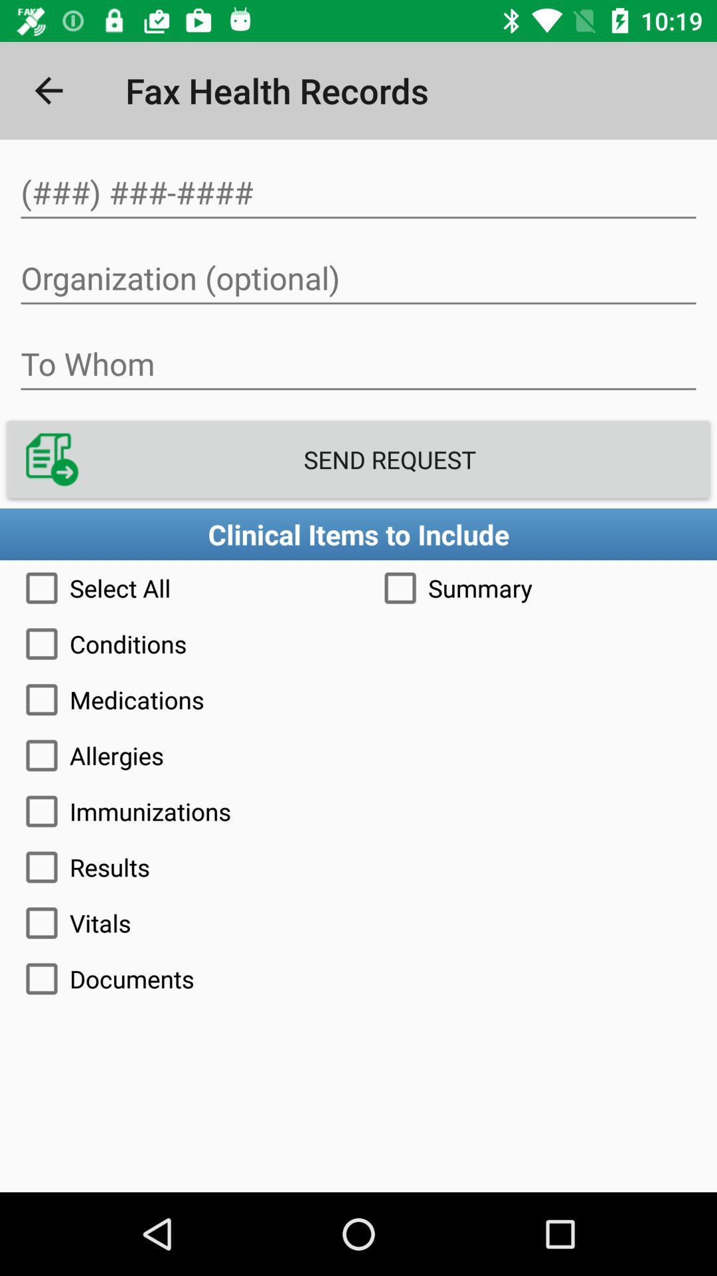  I want to click on organization optional, so click(358, 278).